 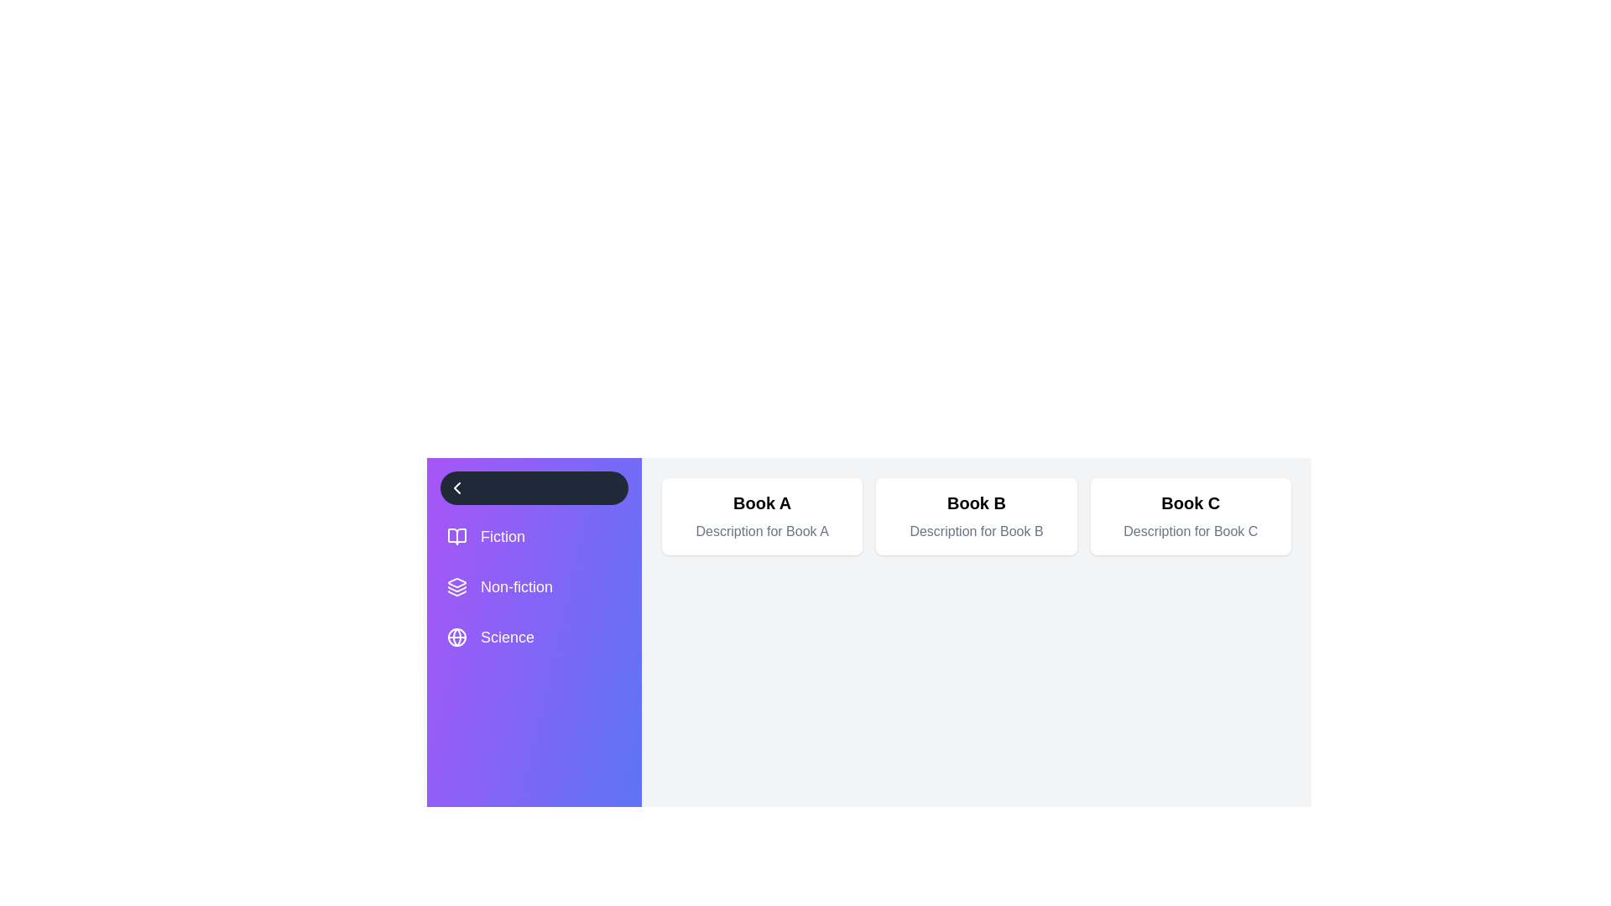 What do you see at coordinates (1190, 516) in the screenshot?
I see `the card representing Book C` at bounding box center [1190, 516].